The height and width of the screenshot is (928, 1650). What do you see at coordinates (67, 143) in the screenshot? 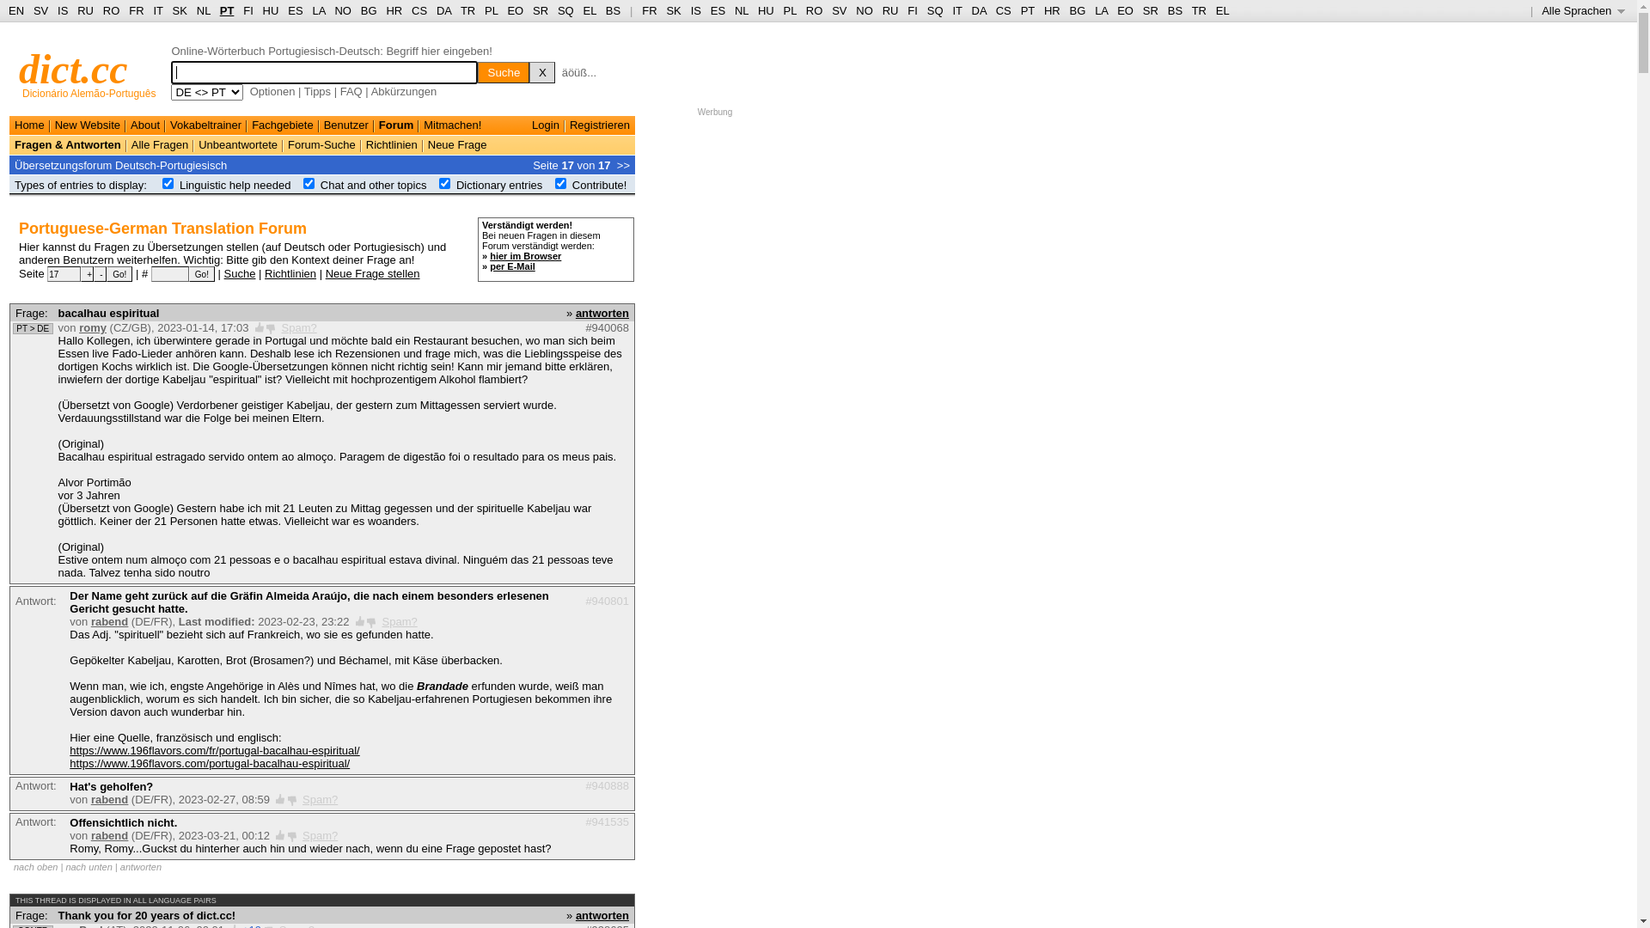
I see `'Fragen & Antworten'` at bounding box center [67, 143].